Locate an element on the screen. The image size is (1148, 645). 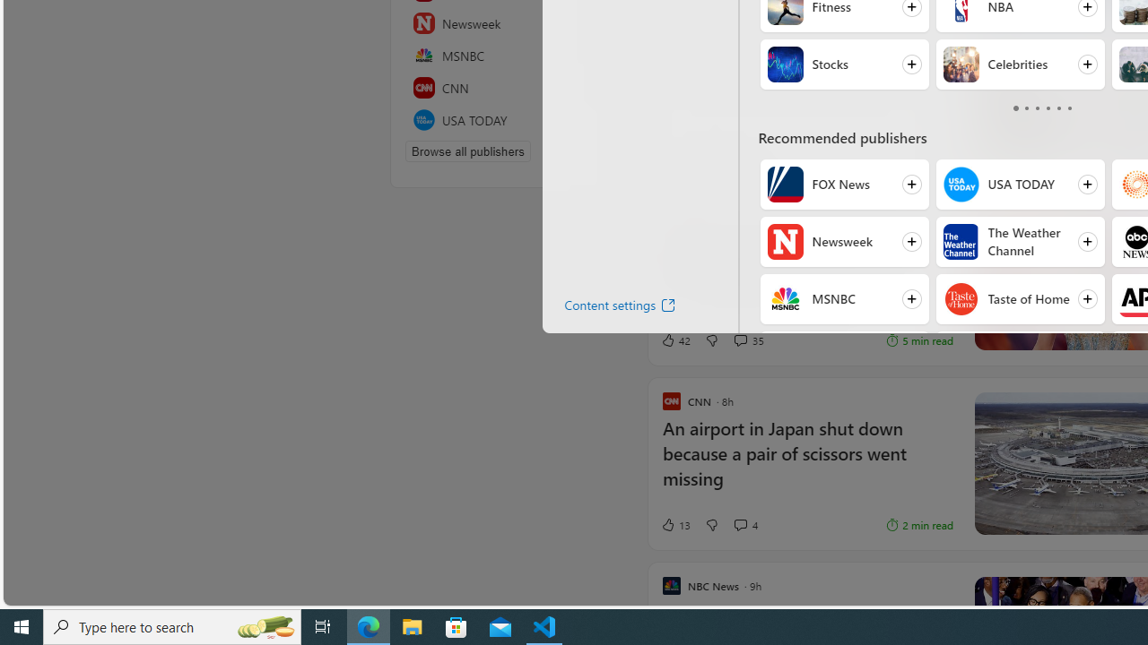
'Newsweek' is located at coordinates (785, 242).